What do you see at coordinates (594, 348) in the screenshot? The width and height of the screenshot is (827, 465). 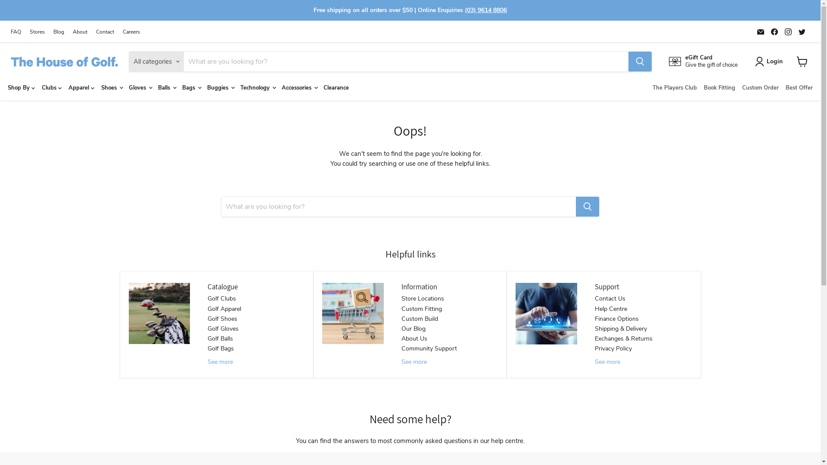 I see `'Privacy Policy'` at bounding box center [594, 348].